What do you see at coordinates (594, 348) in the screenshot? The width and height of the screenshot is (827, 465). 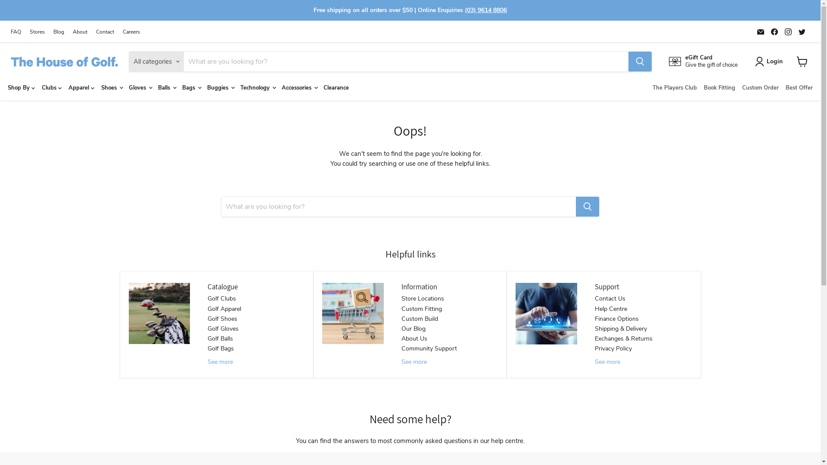 I see `'Privacy Policy'` at bounding box center [594, 348].